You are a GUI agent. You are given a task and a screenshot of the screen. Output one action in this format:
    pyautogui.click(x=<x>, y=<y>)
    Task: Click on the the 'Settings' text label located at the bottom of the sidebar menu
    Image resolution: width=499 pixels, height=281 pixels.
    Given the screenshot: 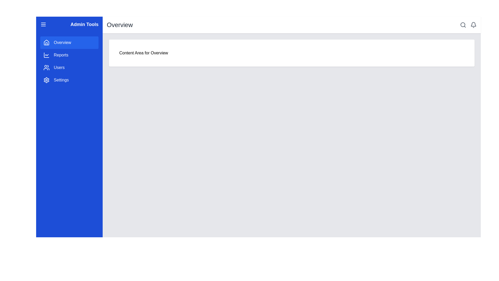 What is the action you would take?
    pyautogui.click(x=61, y=80)
    